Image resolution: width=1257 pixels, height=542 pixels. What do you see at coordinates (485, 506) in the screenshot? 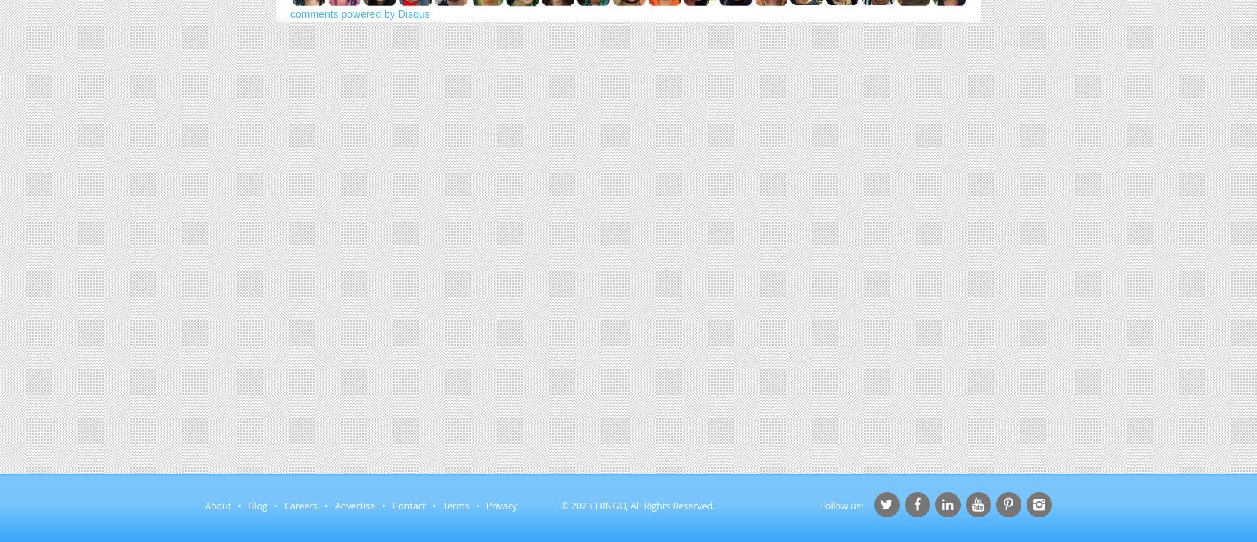
I see `'Privacy'` at bounding box center [485, 506].